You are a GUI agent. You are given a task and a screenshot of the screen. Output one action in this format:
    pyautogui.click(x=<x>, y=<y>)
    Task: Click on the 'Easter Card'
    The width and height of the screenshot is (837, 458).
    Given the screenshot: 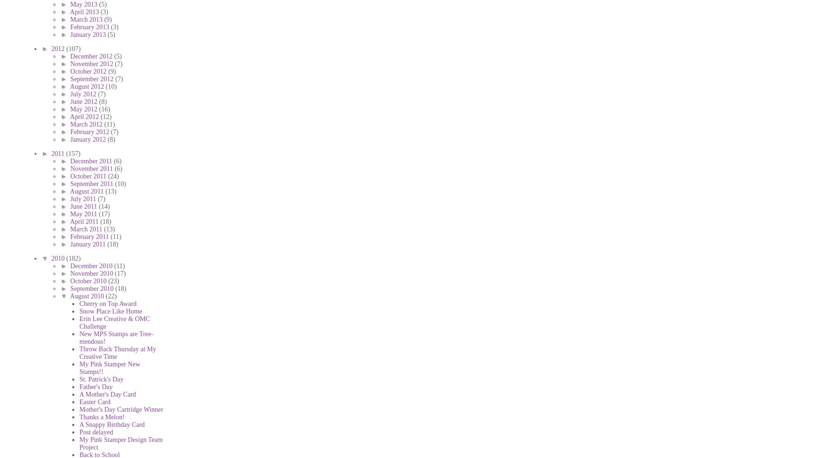 What is the action you would take?
    pyautogui.click(x=95, y=401)
    